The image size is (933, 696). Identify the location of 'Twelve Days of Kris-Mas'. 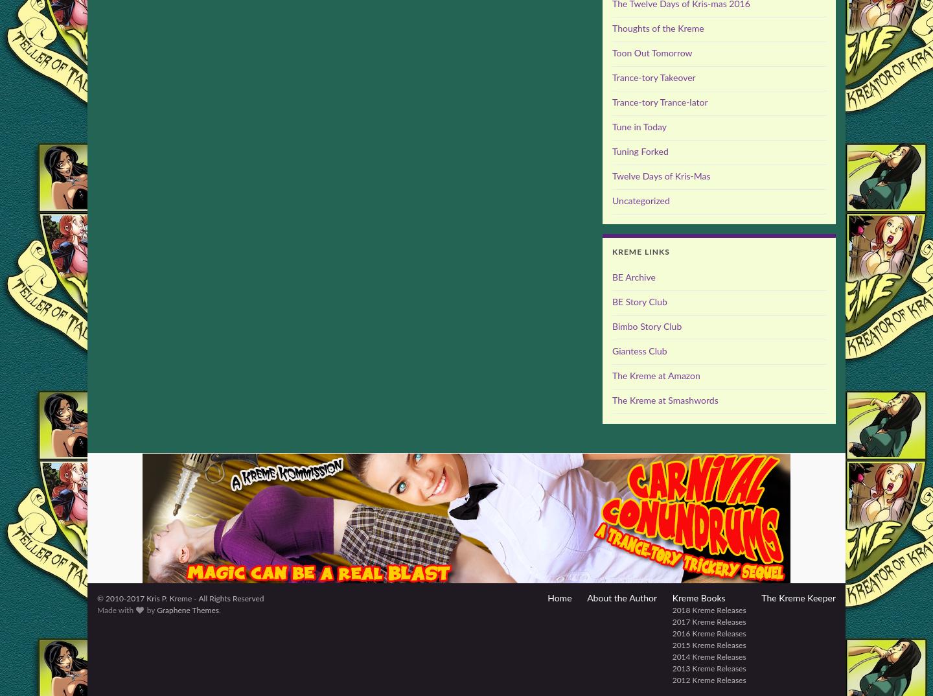
(612, 177).